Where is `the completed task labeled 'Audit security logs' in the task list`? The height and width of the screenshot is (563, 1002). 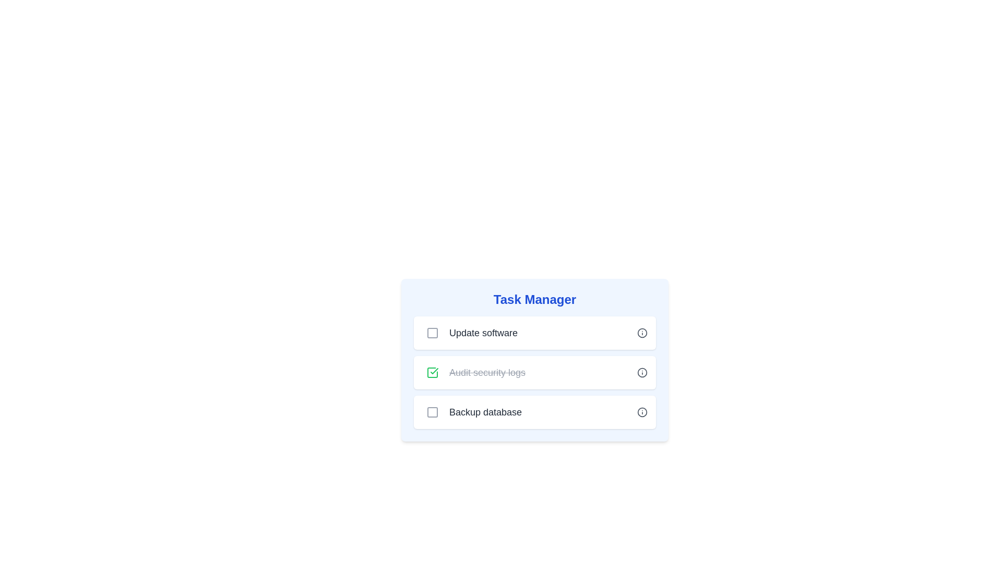 the completed task labeled 'Audit security logs' in the task list is located at coordinates (535, 359).